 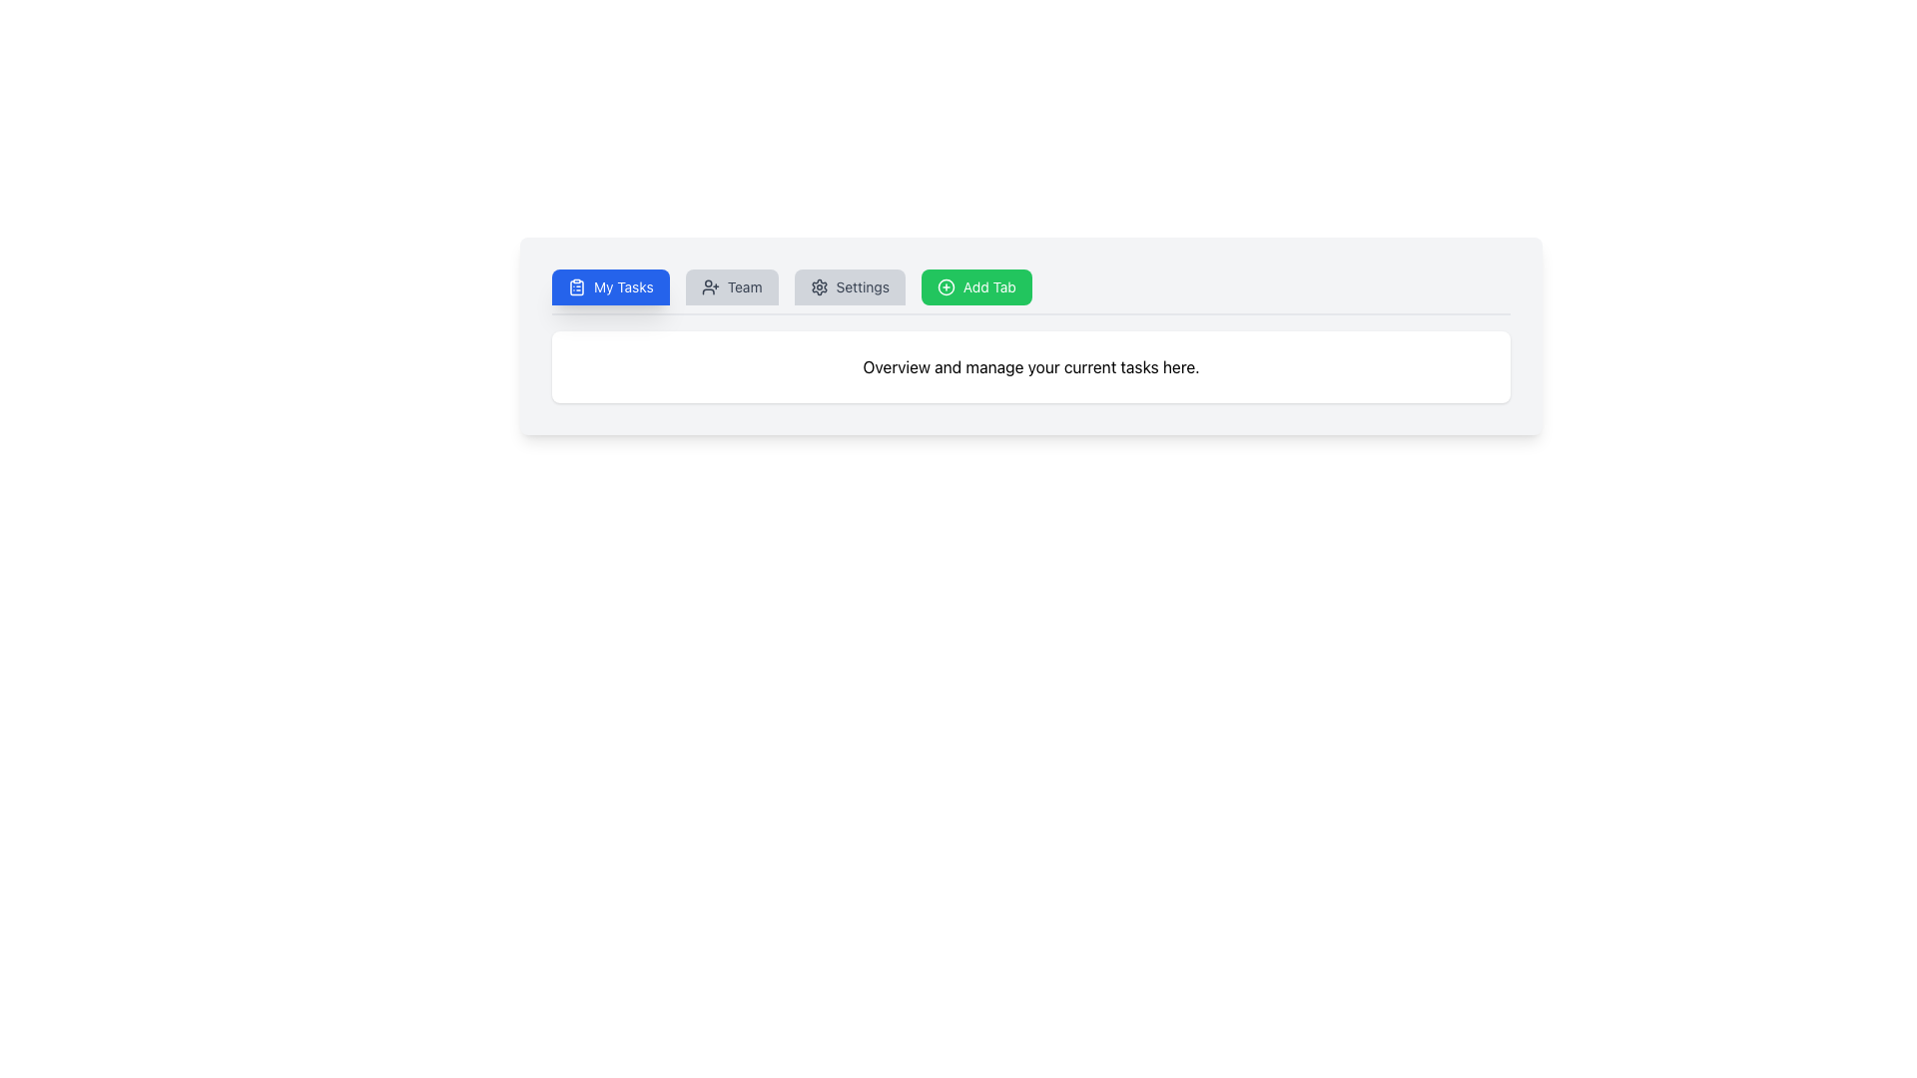 I want to click on the team management tab, which is the second tab in the top navigation bar, located to the right of the 'My Tasks' tab and to the left of the 'Settings' tab, so click(x=731, y=287).